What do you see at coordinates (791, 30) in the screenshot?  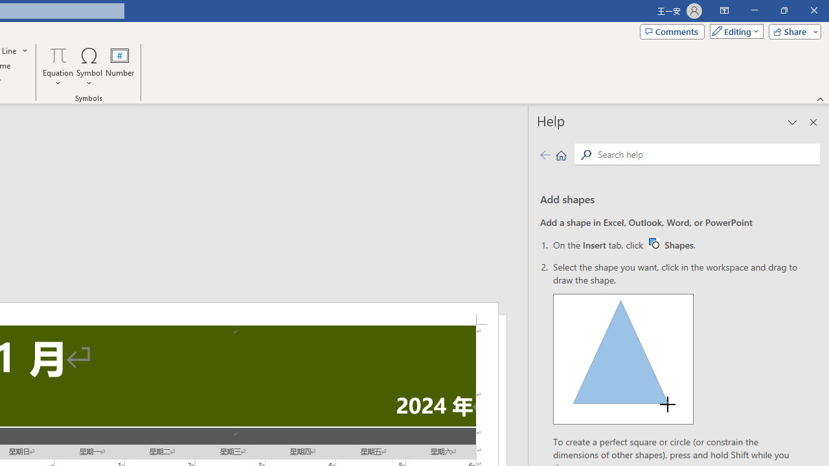 I see `'Share'` at bounding box center [791, 30].